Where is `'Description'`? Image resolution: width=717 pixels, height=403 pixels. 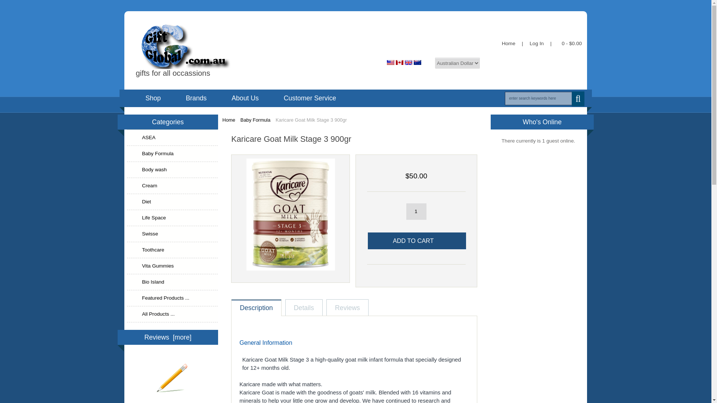
'Description' is located at coordinates (231, 308).